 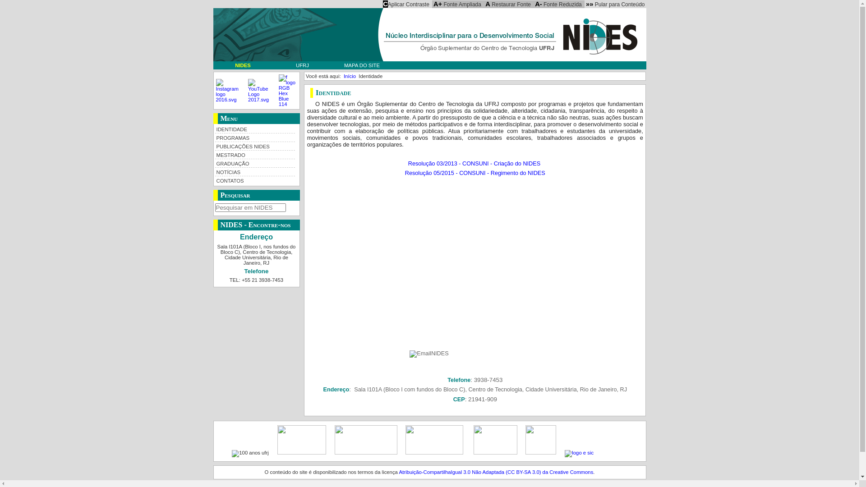 What do you see at coordinates (254, 137) in the screenshot?
I see `'PROGRAMAS'` at bounding box center [254, 137].